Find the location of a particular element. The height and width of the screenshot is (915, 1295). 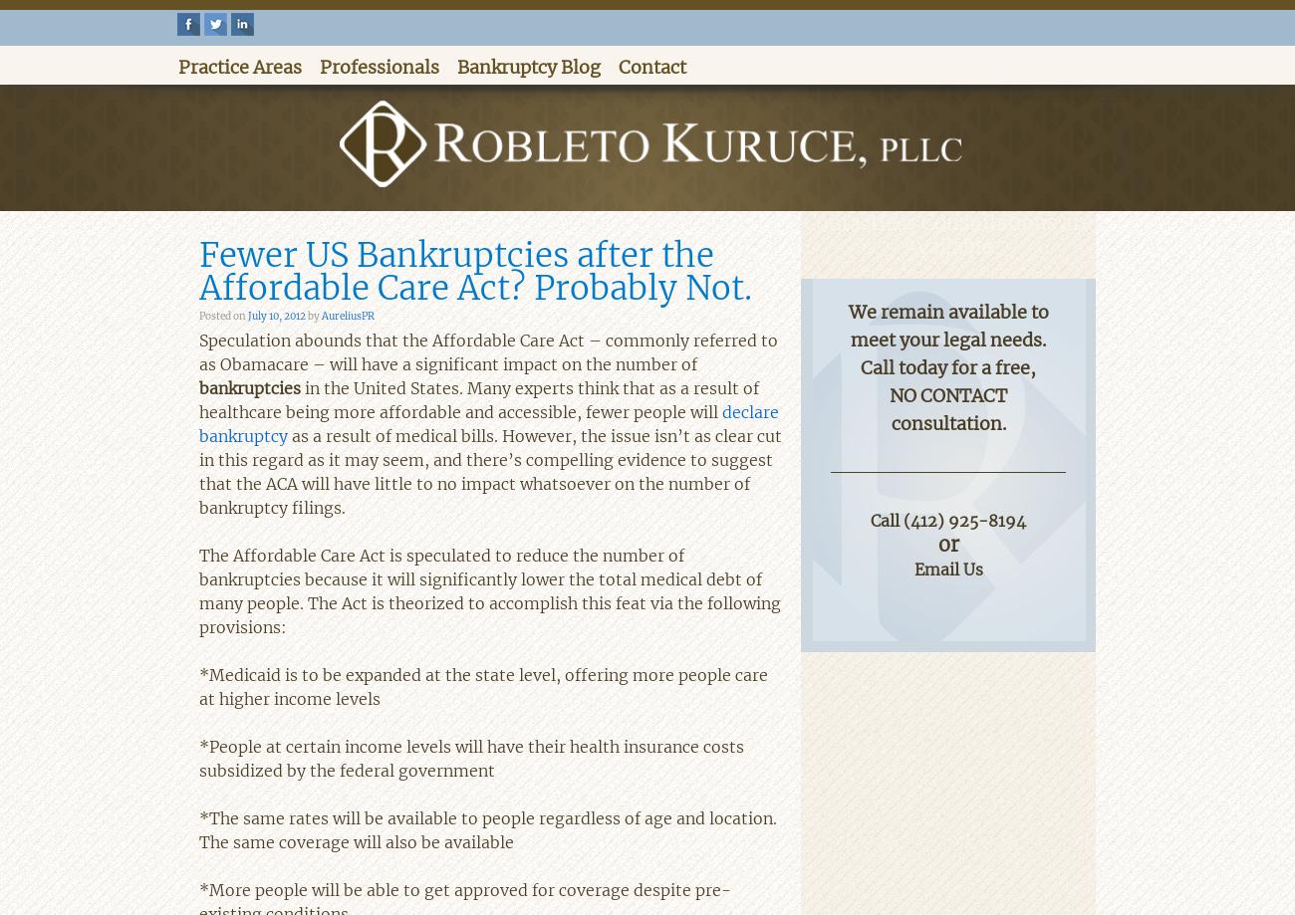

'Call' is located at coordinates (886, 518).